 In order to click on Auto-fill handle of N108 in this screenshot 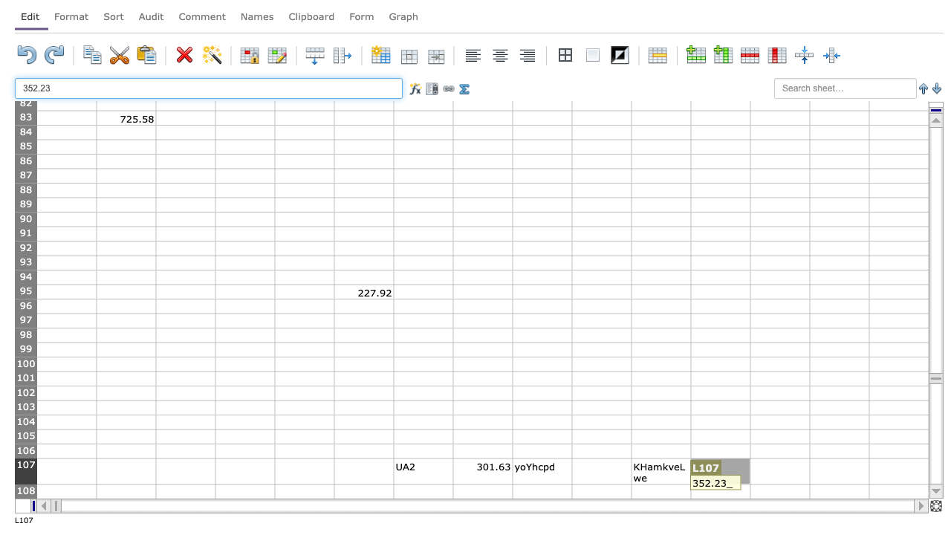, I will do `click(869, 499)`.